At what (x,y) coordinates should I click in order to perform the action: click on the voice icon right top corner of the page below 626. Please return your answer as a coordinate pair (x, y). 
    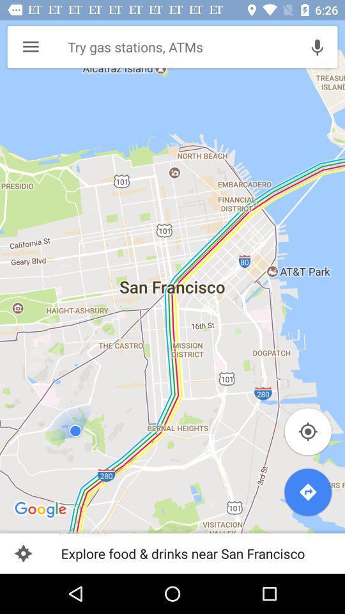
    Looking at the image, I should click on (316, 47).